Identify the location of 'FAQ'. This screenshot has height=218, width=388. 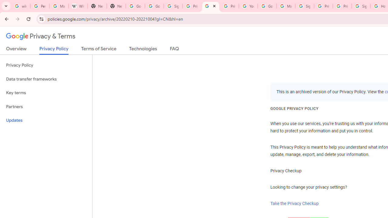
(174, 50).